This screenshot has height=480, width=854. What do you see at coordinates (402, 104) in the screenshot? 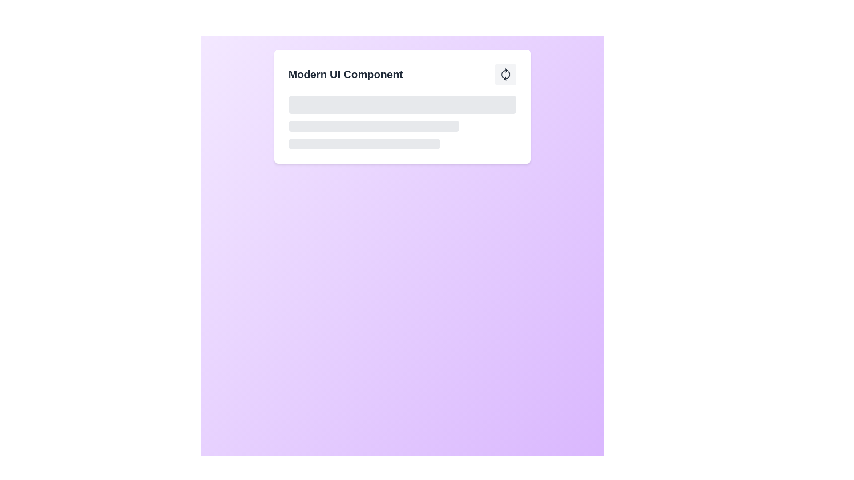
I see `the light gray rectangular placeholder located at the top of the vertically-stacked components, directly below the 'Modern UI Component' title` at bounding box center [402, 104].